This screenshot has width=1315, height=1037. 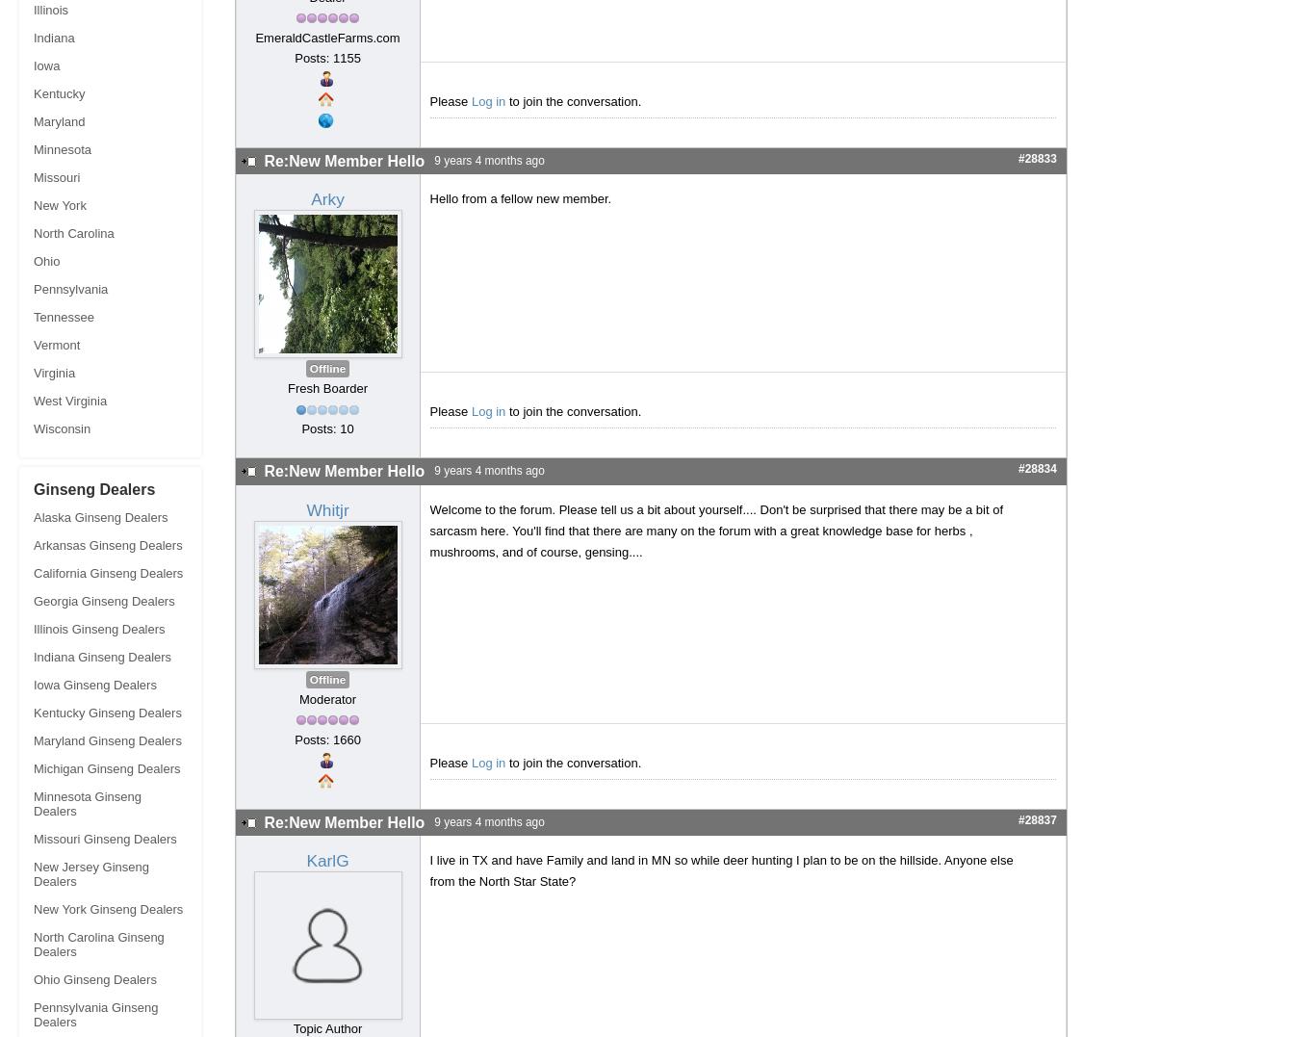 I want to click on 'Arkansas Ginseng Dealers', so click(x=33, y=545).